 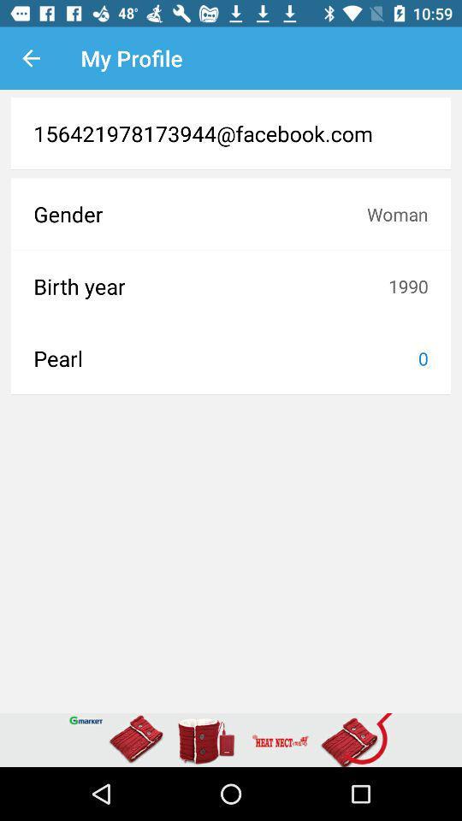 What do you see at coordinates (226, 357) in the screenshot?
I see `the item next to the 0` at bounding box center [226, 357].